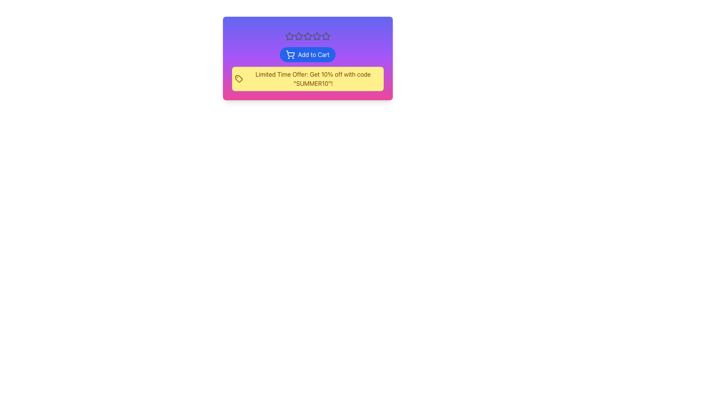 The height and width of the screenshot is (410, 728). What do you see at coordinates (290, 54) in the screenshot?
I see `the 'Add to Cart' button, which is centrally located with an icon indicating its functionality` at bounding box center [290, 54].